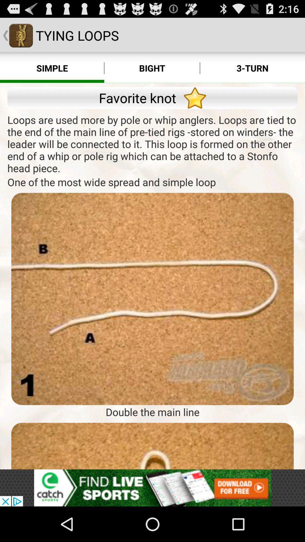 This screenshot has height=542, width=305. What do you see at coordinates (152, 446) in the screenshot?
I see `step 2` at bounding box center [152, 446].